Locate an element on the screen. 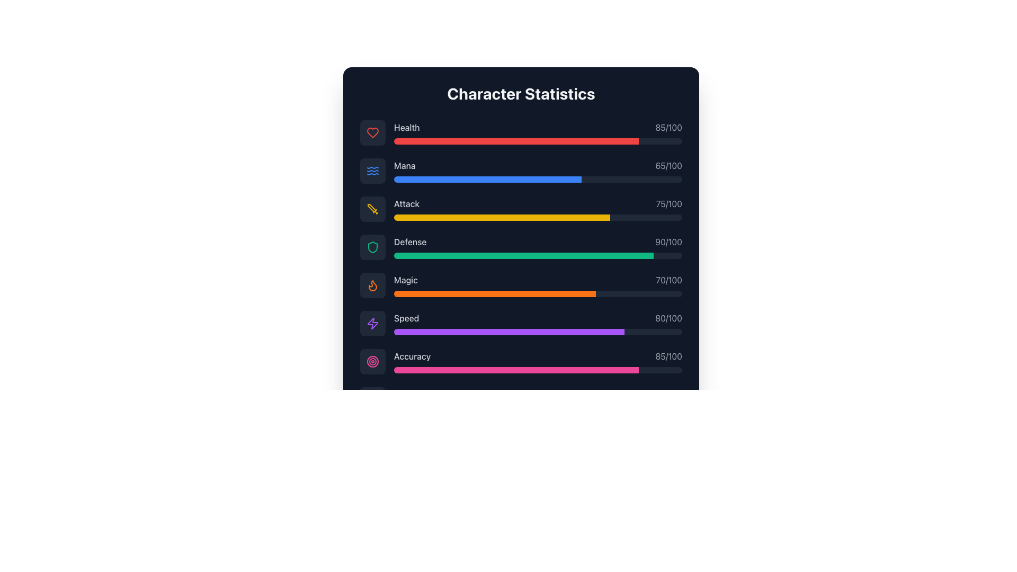  score displayed in the text label that represents the 'Attack' statistic, located to the far right of the 'Attack' row is located at coordinates (668, 204).